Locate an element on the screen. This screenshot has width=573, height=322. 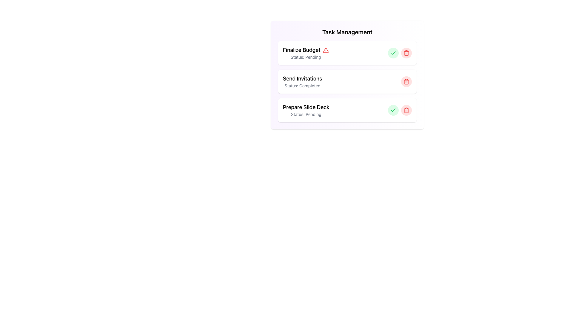
the task card displaying 'Send Invitations' with the status 'Status: Completed' in the task management interface is located at coordinates (347, 75).